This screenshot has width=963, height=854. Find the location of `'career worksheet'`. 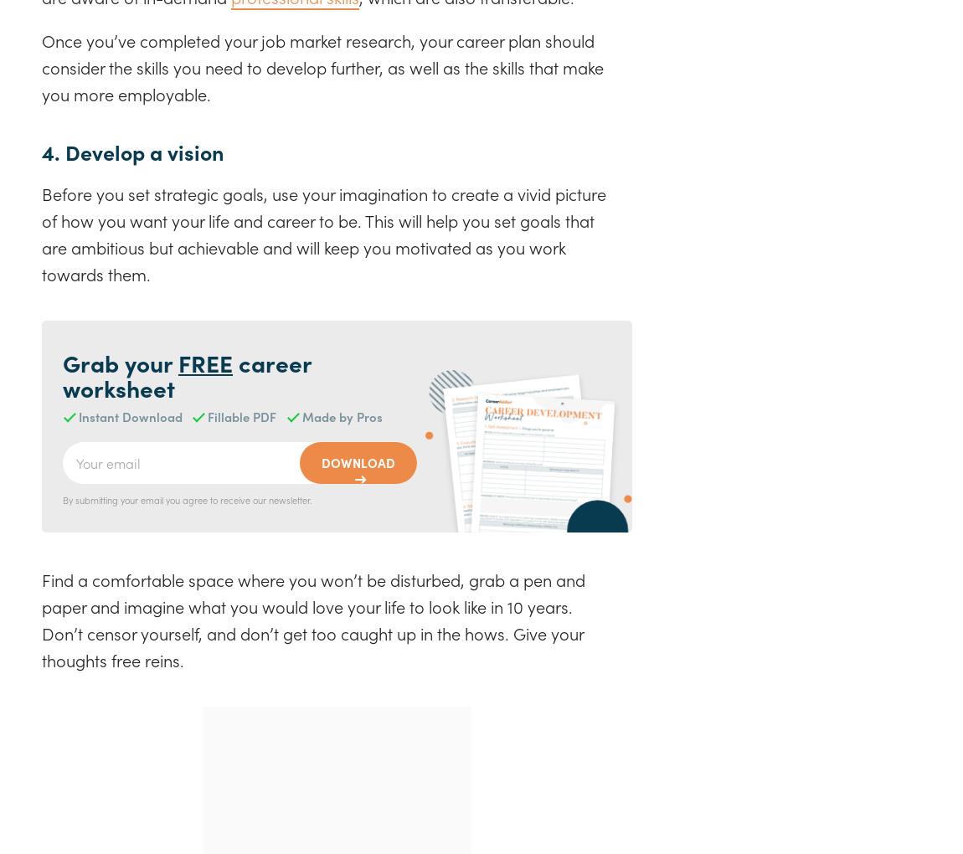

'career worksheet' is located at coordinates (186, 373).